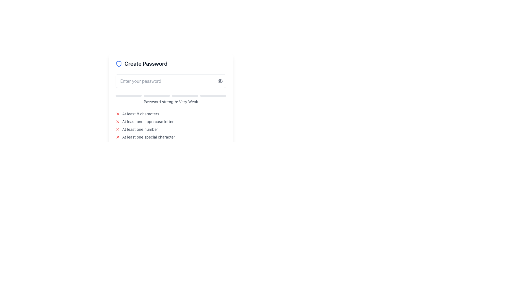 This screenshot has height=298, width=531. Describe the element at coordinates (140, 113) in the screenshot. I see `the Instructional Text displaying 'At least 8 characters', which is positioned in the first slot of the password requirements list` at that location.